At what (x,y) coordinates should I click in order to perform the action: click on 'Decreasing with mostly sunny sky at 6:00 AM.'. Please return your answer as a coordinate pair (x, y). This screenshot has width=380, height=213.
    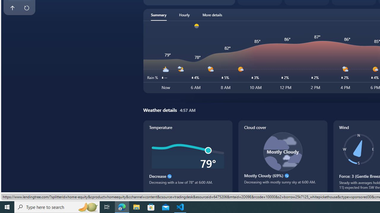
    Looking at the image, I should click on (282, 184).